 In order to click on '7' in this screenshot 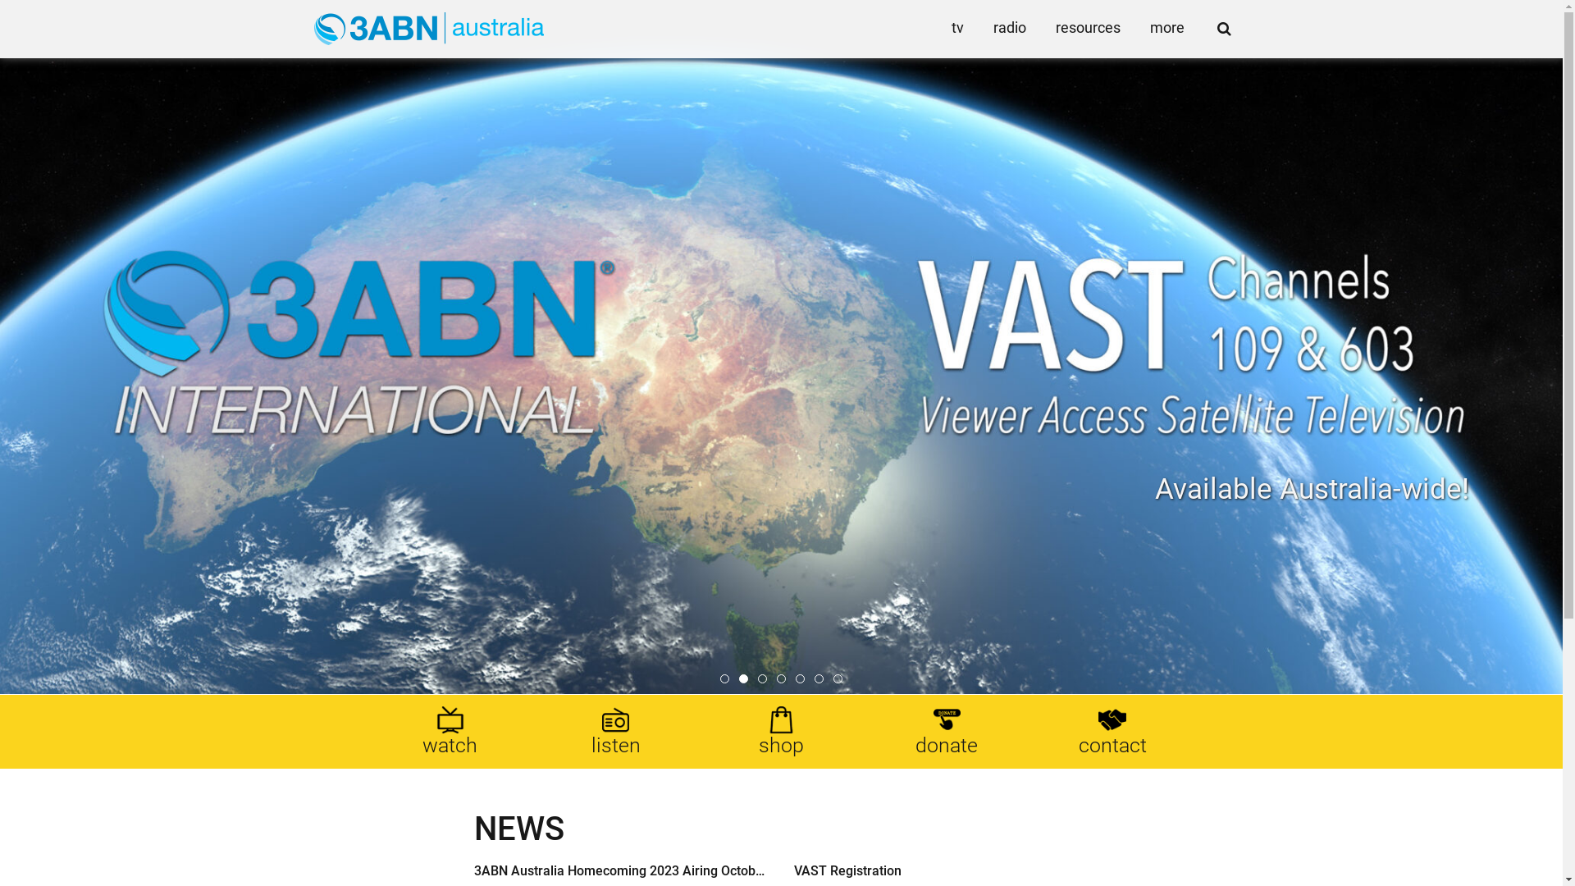, I will do `click(838, 678)`.